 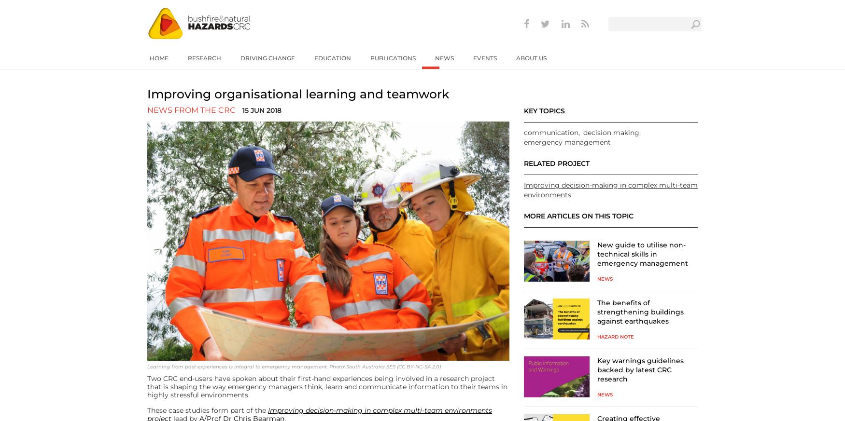 What do you see at coordinates (550, 132) in the screenshot?
I see `'communication'` at bounding box center [550, 132].